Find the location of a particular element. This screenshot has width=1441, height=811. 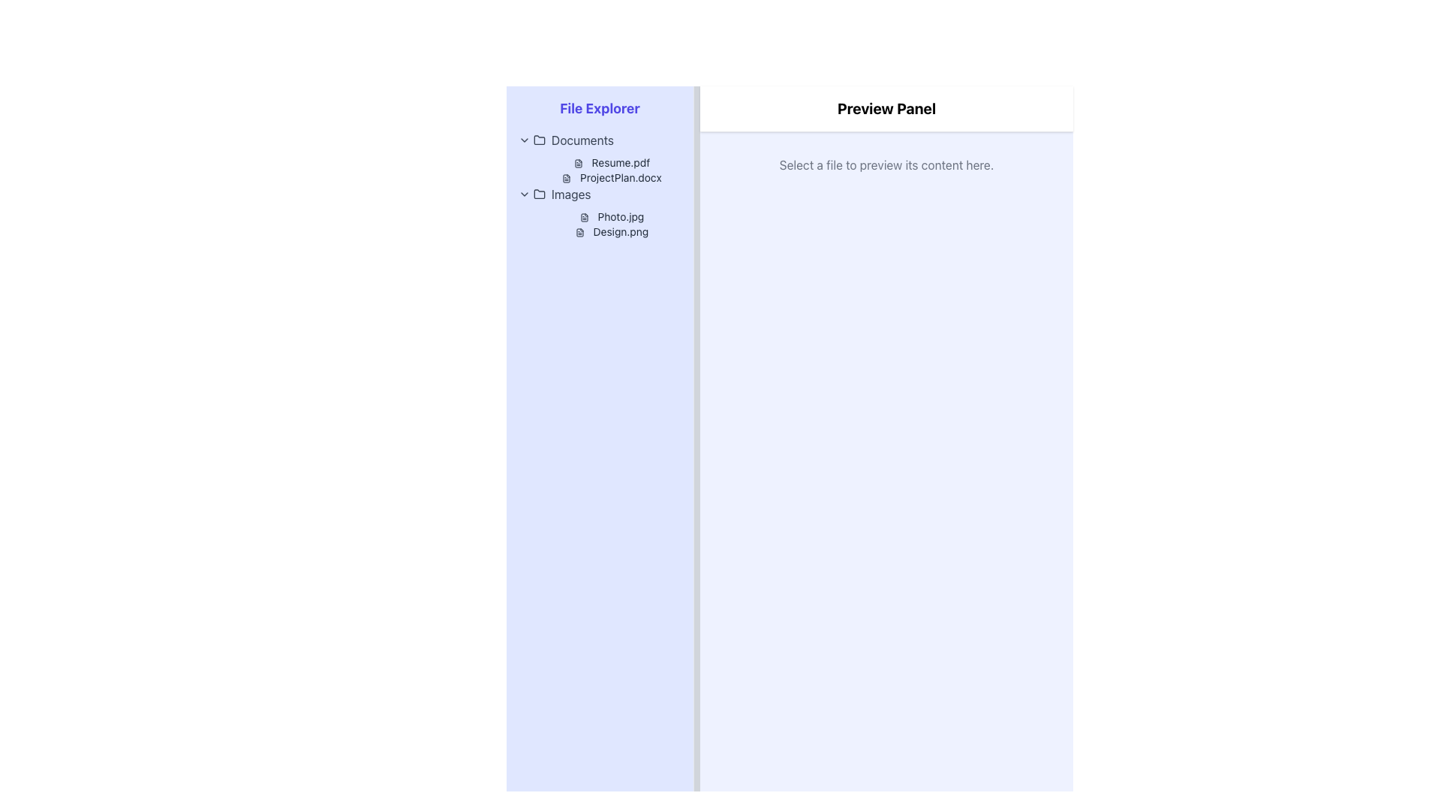

the folder icon located in the file explorer panel is located at coordinates (540, 140).